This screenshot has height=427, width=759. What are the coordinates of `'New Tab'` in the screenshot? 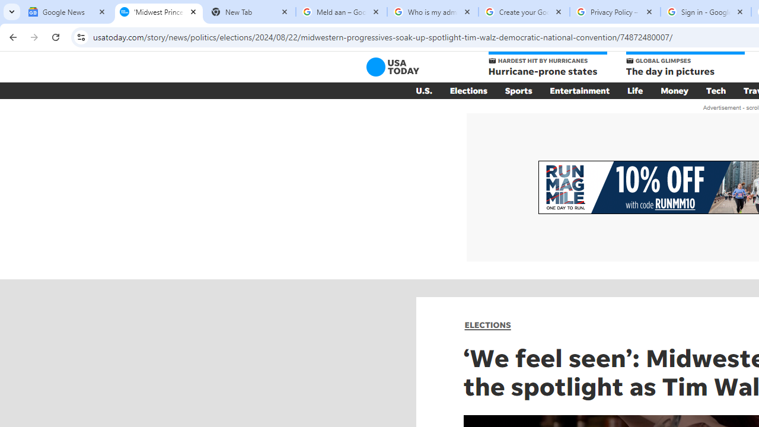 It's located at (249, 12).